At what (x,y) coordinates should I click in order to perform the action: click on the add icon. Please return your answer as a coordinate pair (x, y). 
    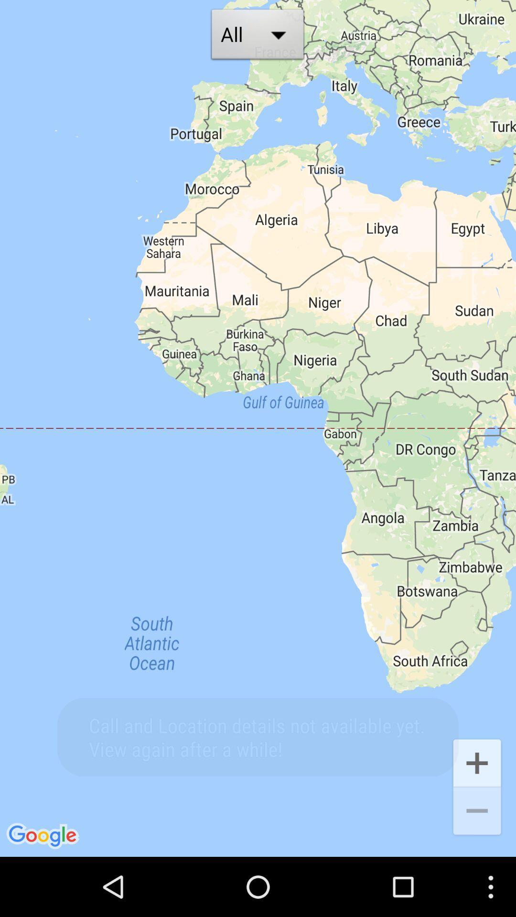
    Looking at the image, I should click on (477, 815).